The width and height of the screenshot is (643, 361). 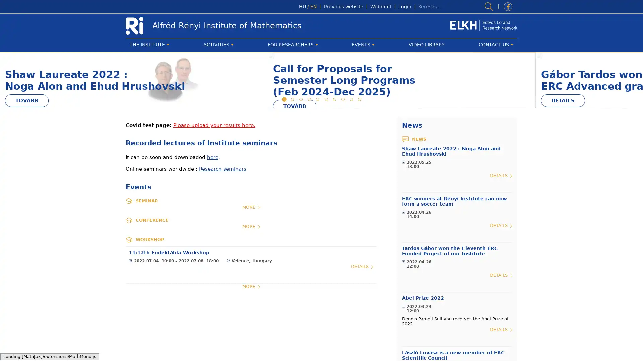 What do you see at coordinates (292, 176) in the screenshot?
I see `2` at bounding box center [292, 176].